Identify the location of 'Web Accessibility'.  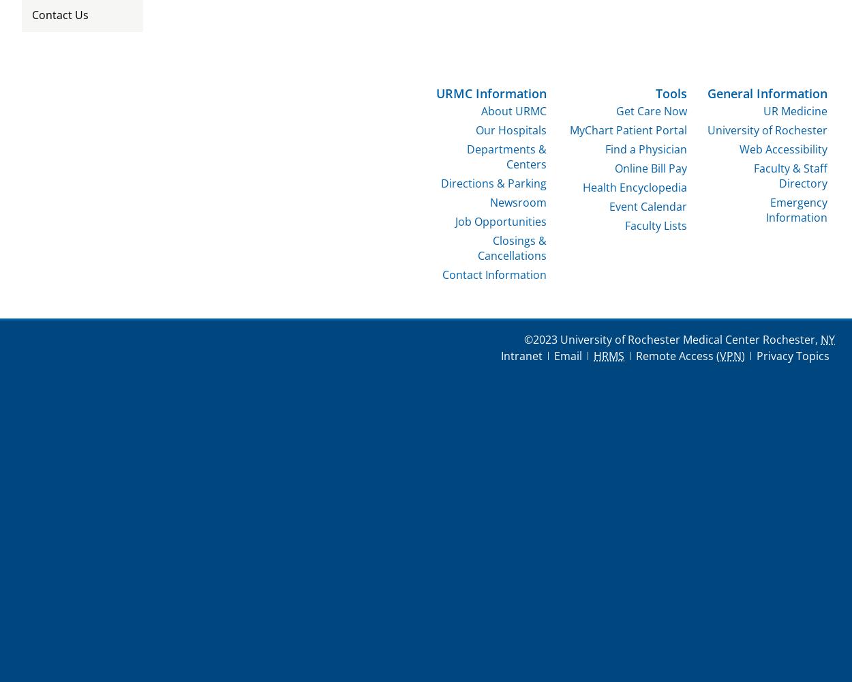
(739, 148).